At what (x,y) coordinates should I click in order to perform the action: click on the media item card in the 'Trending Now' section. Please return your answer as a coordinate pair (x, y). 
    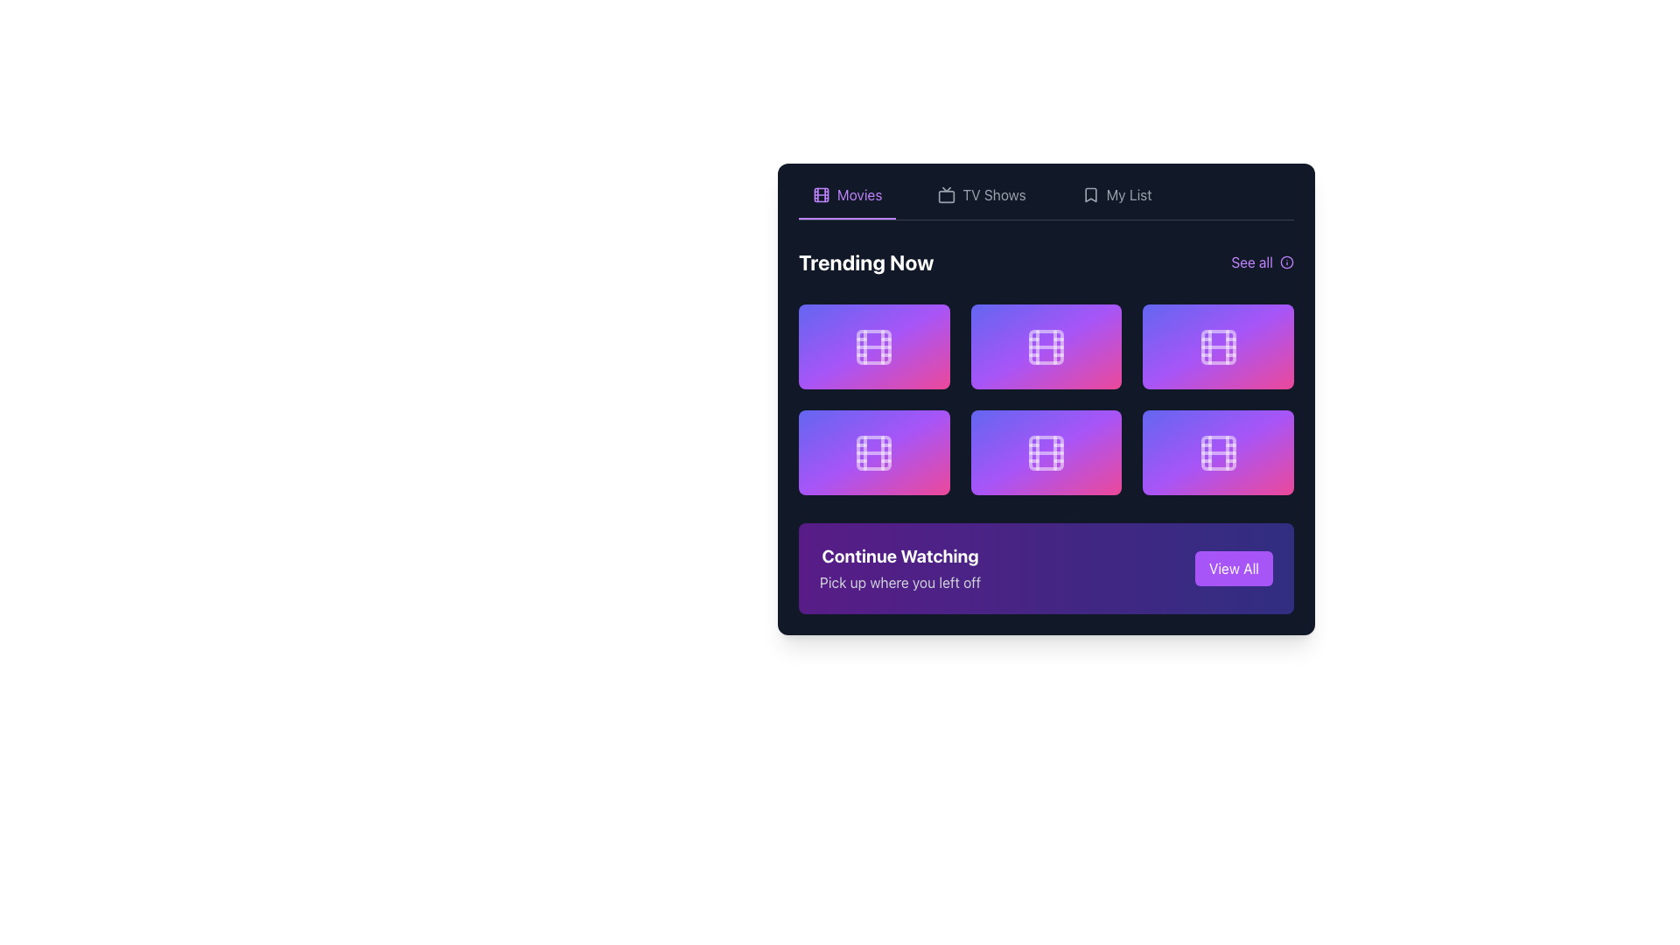
    Looking at the image, I should click on (1217, 346).